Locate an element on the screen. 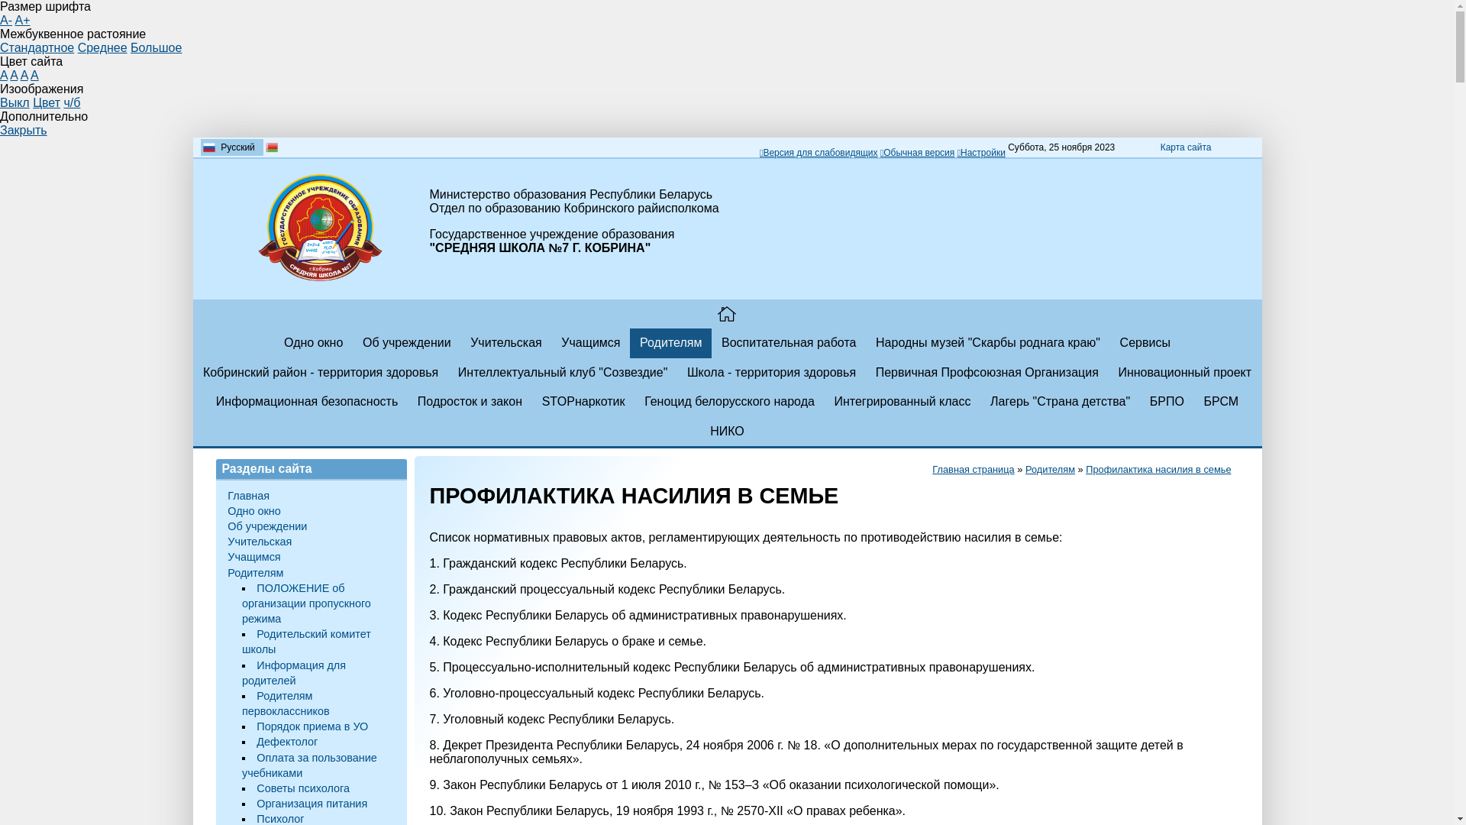 The height and width of the screenshot is (825, 1466). 'A' is located at coordinates (10, 75).